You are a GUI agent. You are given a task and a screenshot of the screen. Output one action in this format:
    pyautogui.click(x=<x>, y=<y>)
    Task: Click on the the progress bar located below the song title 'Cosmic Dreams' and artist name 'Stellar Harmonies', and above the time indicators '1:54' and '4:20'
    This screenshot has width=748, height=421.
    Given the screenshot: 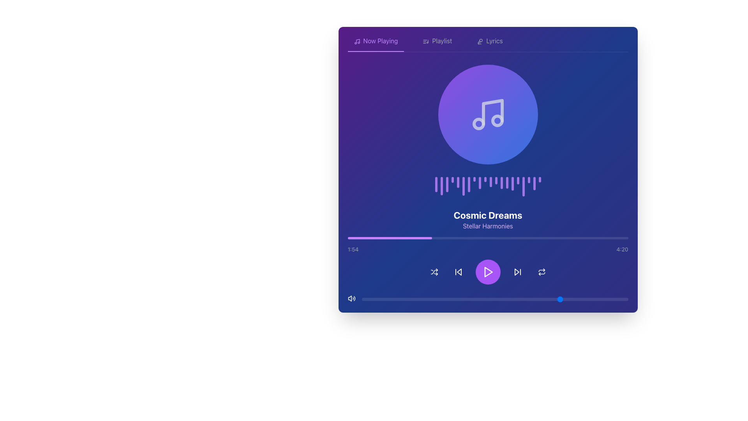 What is the action you would take?
    pyautogui.click(x=487, y=237)
    